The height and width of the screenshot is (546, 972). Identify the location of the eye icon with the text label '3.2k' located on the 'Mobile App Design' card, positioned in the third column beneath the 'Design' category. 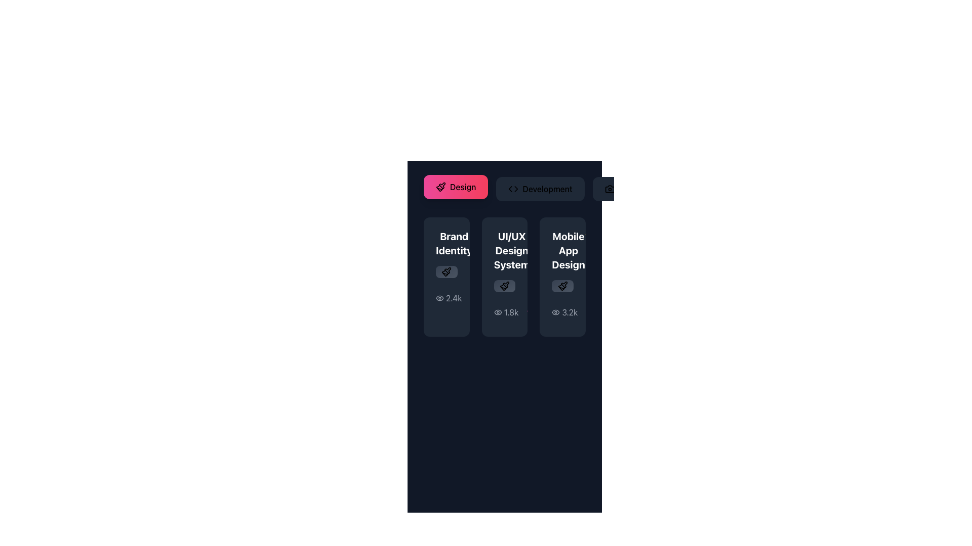
(564, 311).